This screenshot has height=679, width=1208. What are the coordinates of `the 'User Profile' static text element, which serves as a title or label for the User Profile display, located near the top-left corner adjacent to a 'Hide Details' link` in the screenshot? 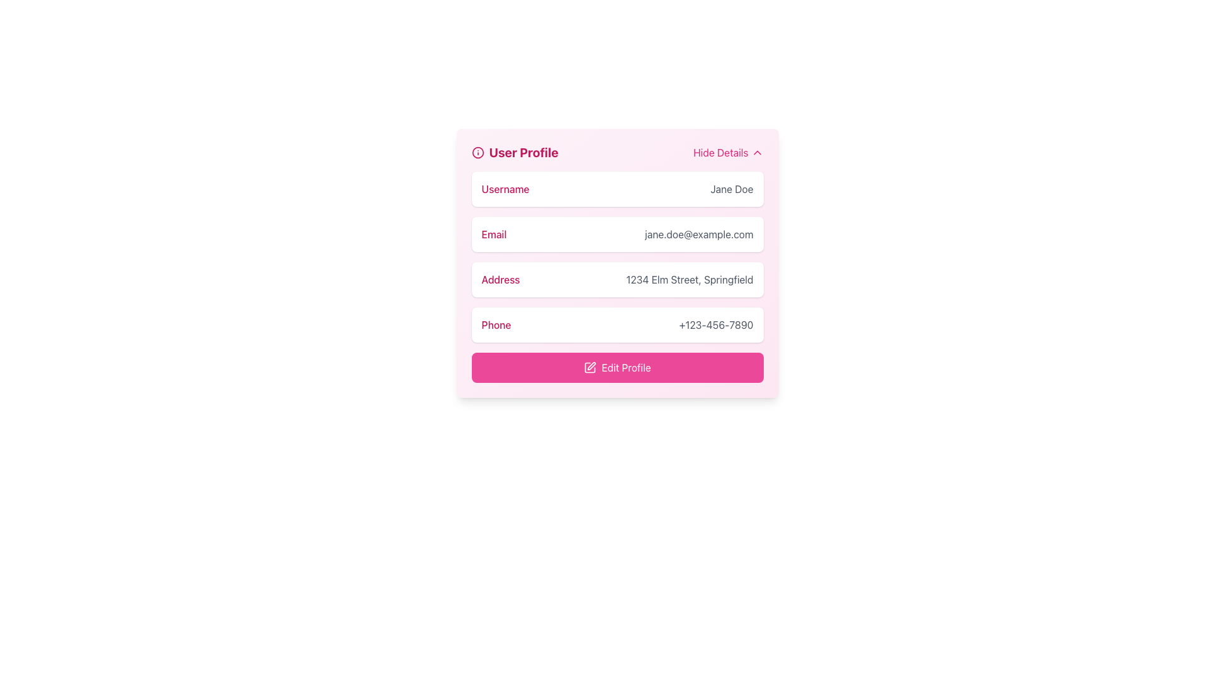 It's located at (515, 152).